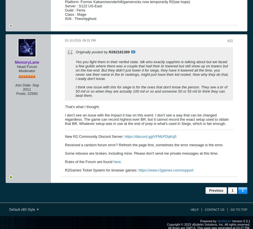  Describe the element at coordinates (94, 136) in the screenshot. I see `'New R2 Community Discord Server:'` at that location.